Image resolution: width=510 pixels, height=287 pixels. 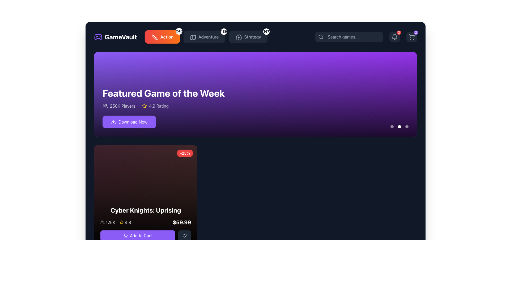 What do you see at coordinates (118, 106) in the screenshot?
I see `the text and icon combination indicating the total number of players or users associated with the game, located in the top section of the interface, aligned horizontally to the left` at bounding box center [118, 106].